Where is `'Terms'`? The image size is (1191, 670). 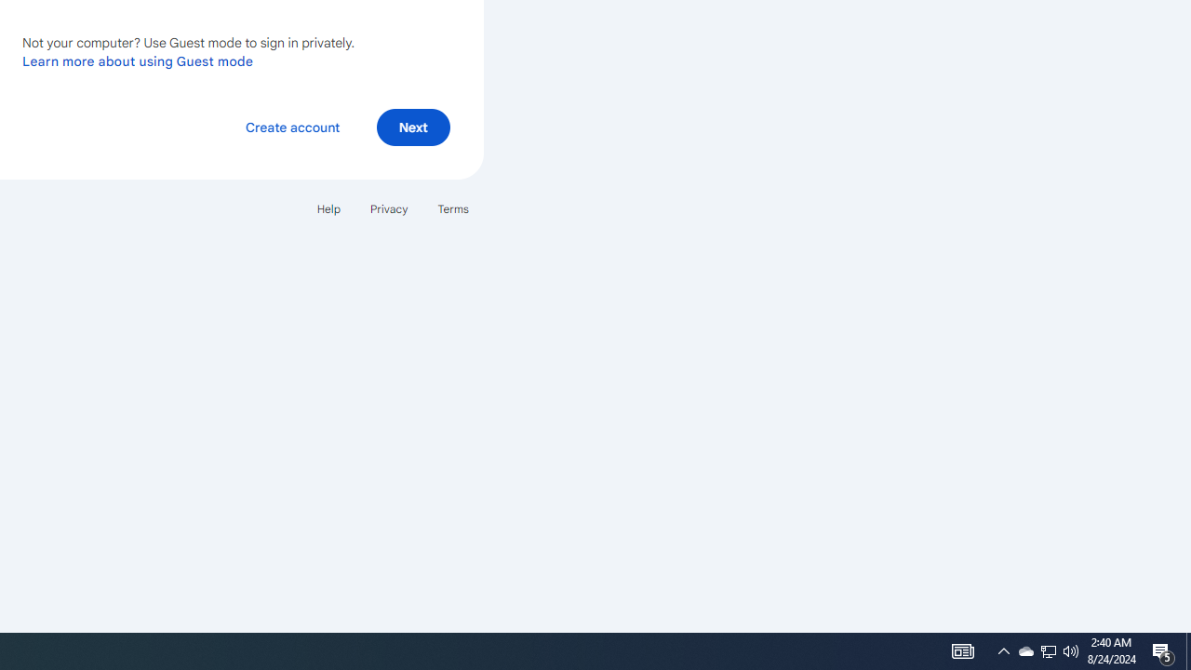
'Terms' is located at coordinates (453, 208).